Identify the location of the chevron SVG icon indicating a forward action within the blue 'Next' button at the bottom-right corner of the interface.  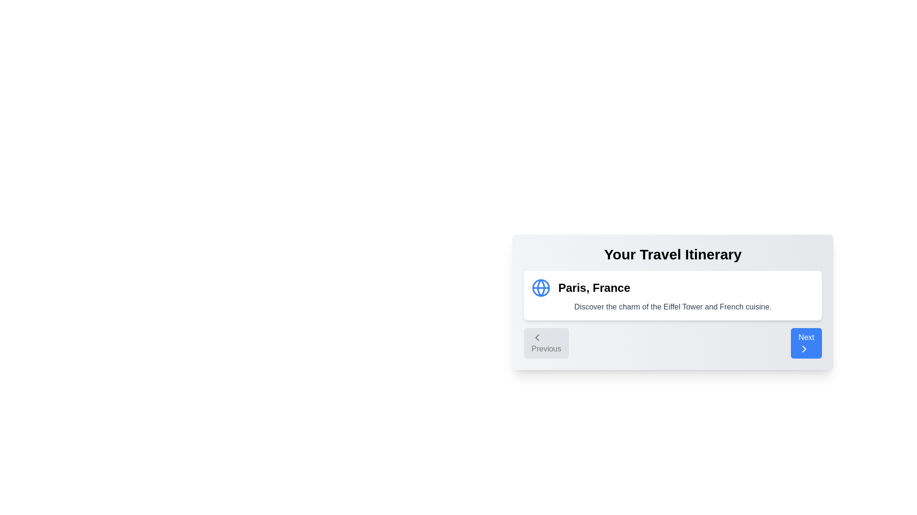
(804, 349).